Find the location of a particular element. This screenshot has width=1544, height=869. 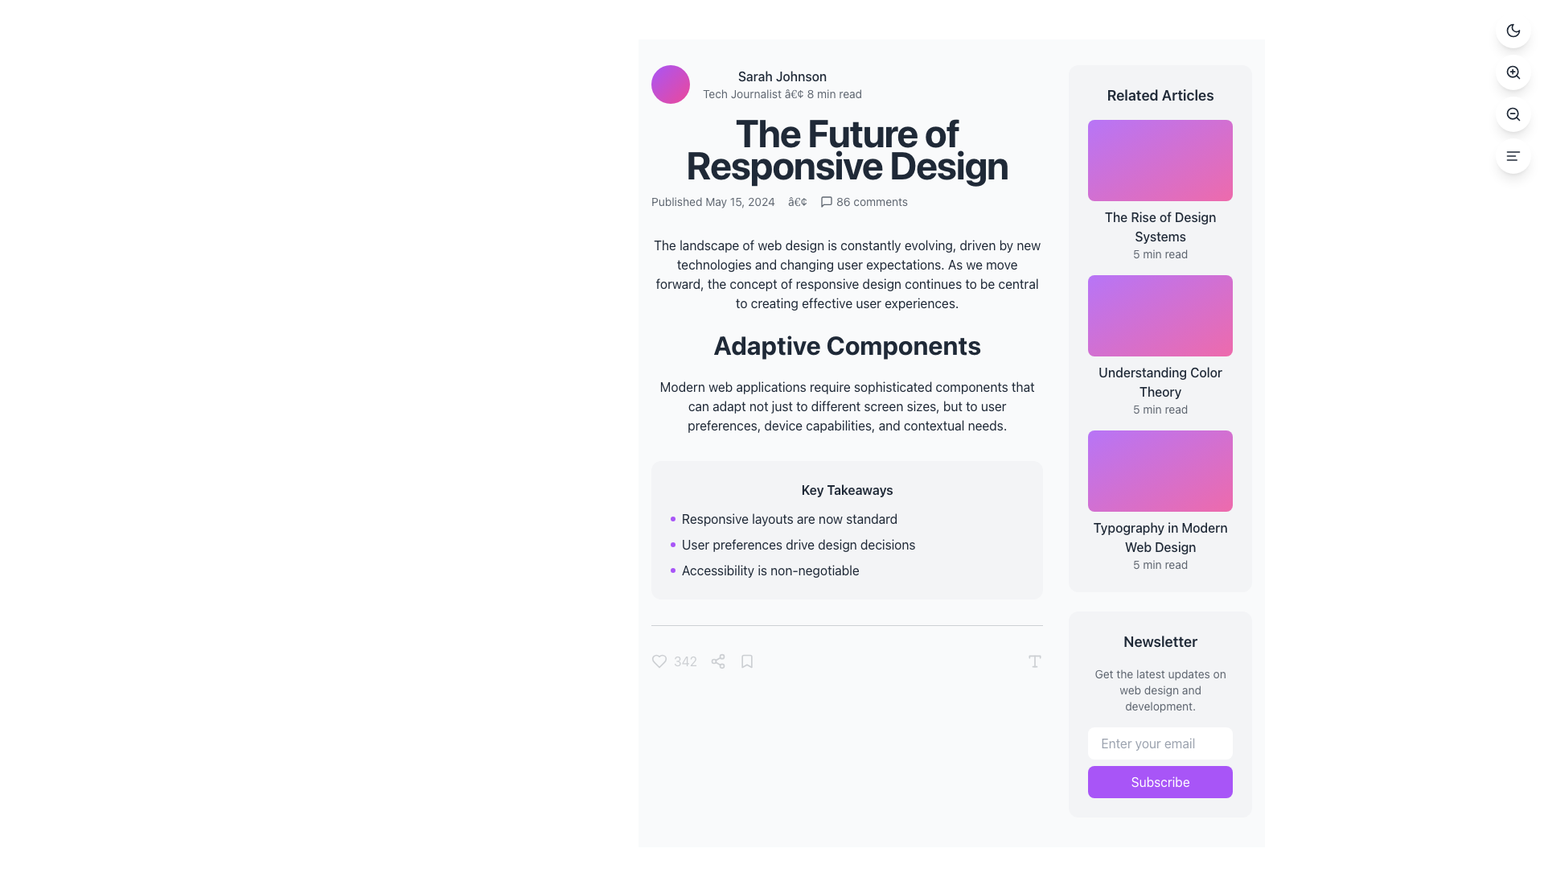

the Text label displaying the publication date information for the article, located below the main heading 'The Future of Responsive Design' is located at coordinates (712, 200).